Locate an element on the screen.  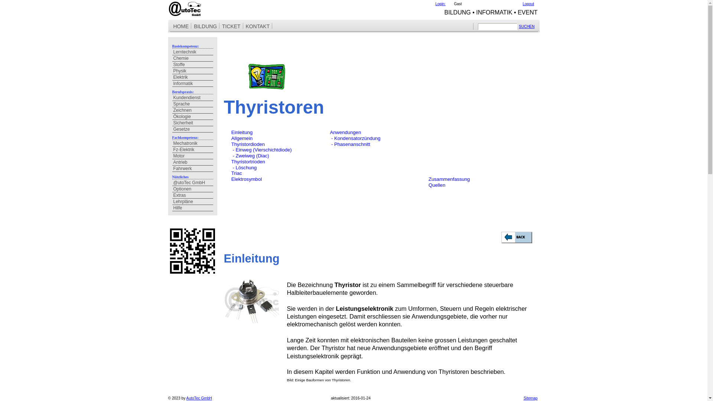
' ' is located at coordinates (224, 33).